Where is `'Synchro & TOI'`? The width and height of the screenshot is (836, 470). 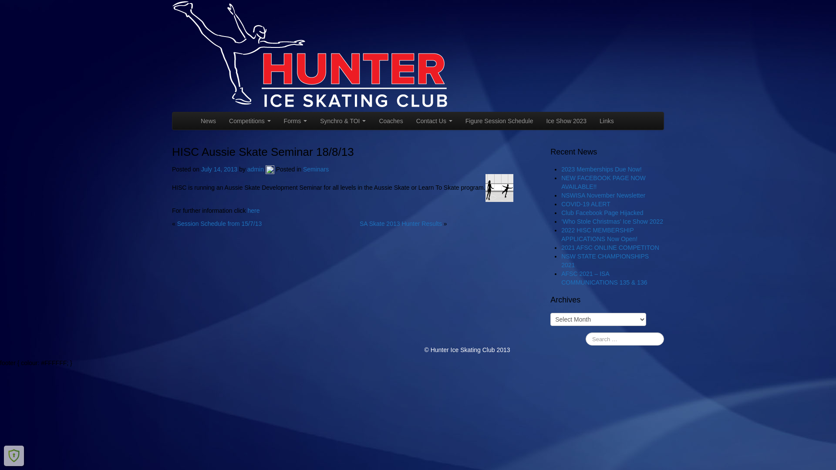
'Synchro & TOI' is located at coordinates (342, 121).